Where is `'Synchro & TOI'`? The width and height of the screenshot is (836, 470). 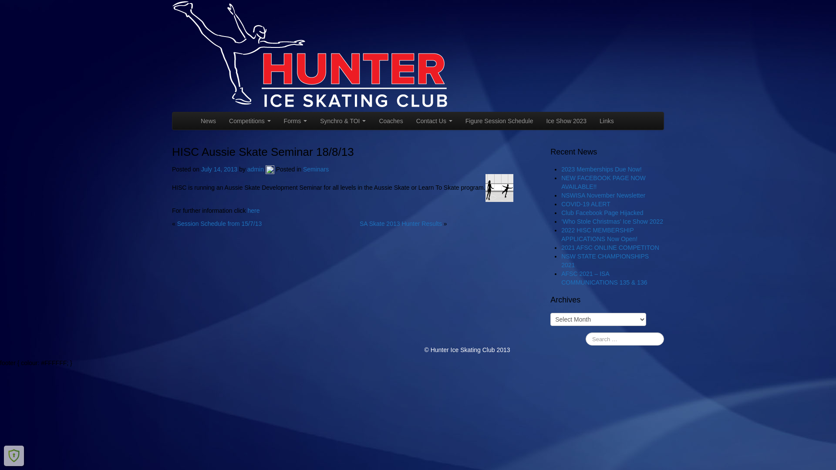
'Synchro & TOI' is located at coordinates (342, 121).